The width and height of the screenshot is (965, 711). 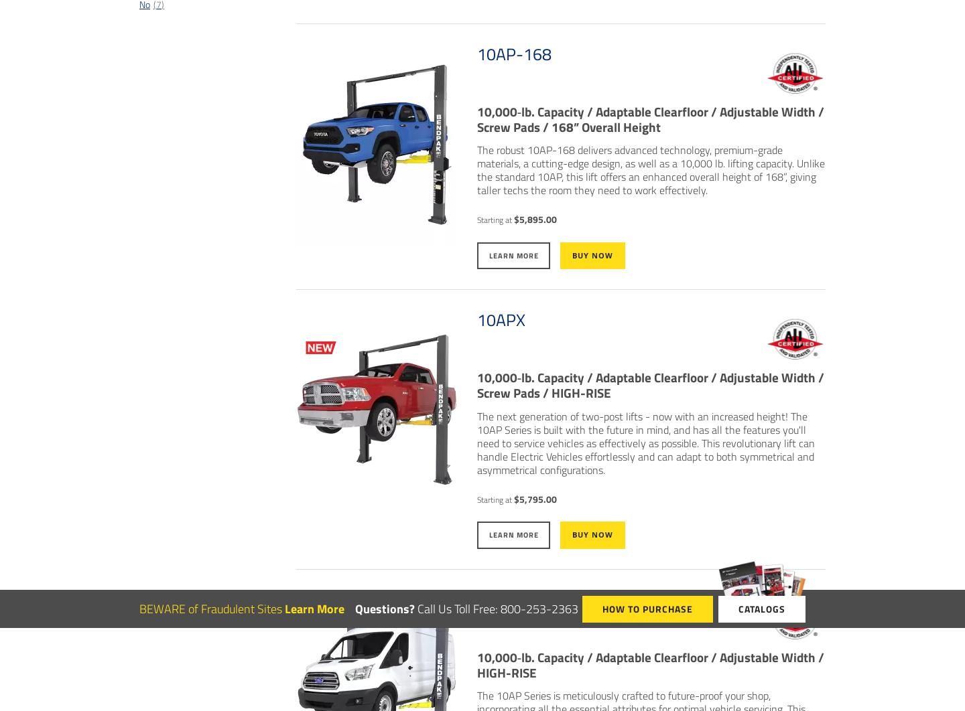 I want to click on '10APX-181', so click(x=517, y=599).